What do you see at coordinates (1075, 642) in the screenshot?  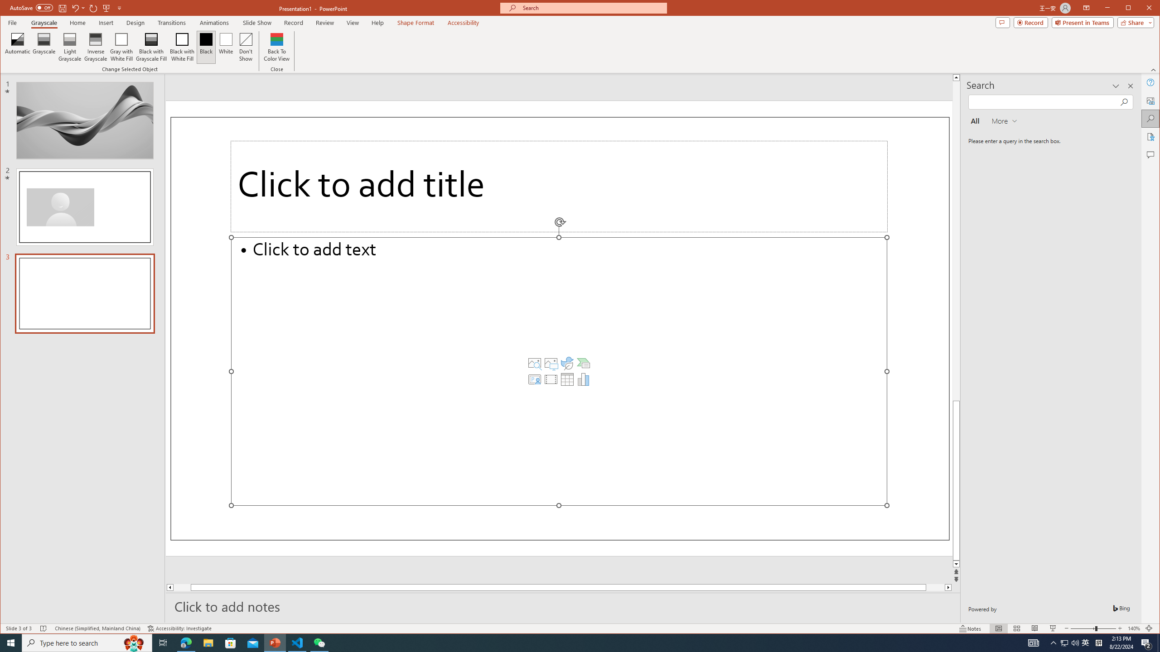 I see `'Q2790: 100%'` at bounding box center [1075, 642].